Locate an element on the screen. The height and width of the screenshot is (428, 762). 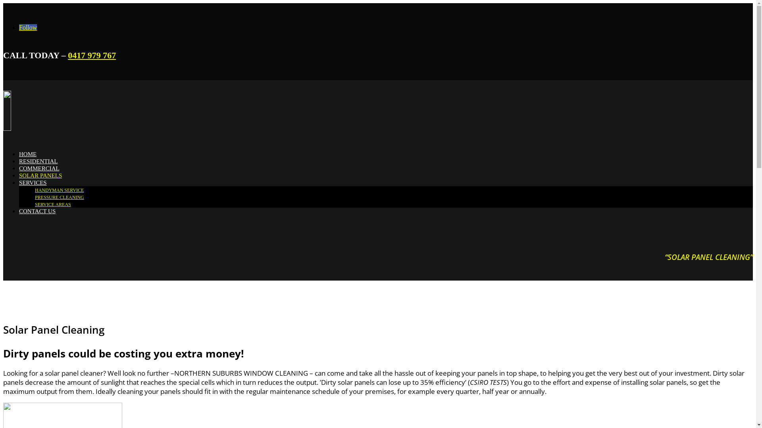
'0417 979 767' is located at coordinates (68, 55).